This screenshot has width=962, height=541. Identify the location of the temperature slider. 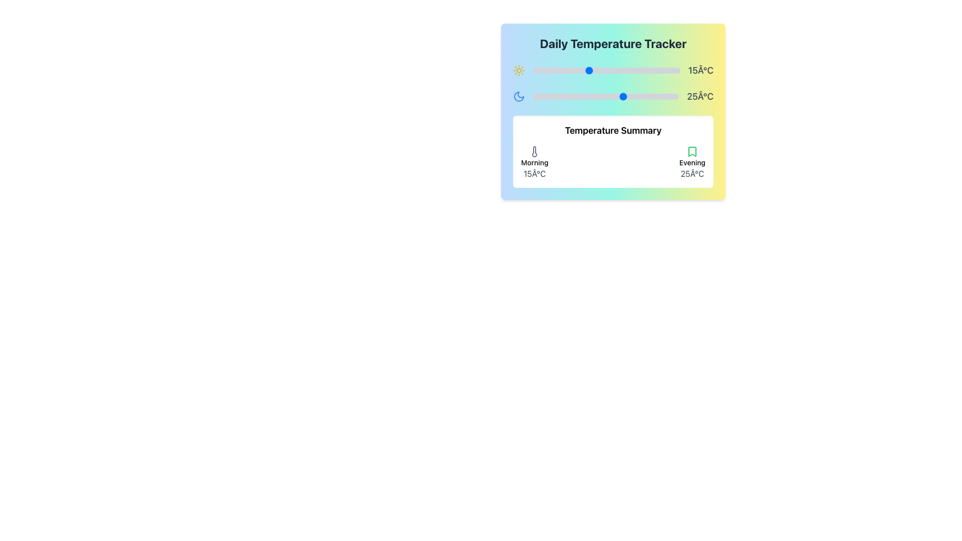
(588, 70).